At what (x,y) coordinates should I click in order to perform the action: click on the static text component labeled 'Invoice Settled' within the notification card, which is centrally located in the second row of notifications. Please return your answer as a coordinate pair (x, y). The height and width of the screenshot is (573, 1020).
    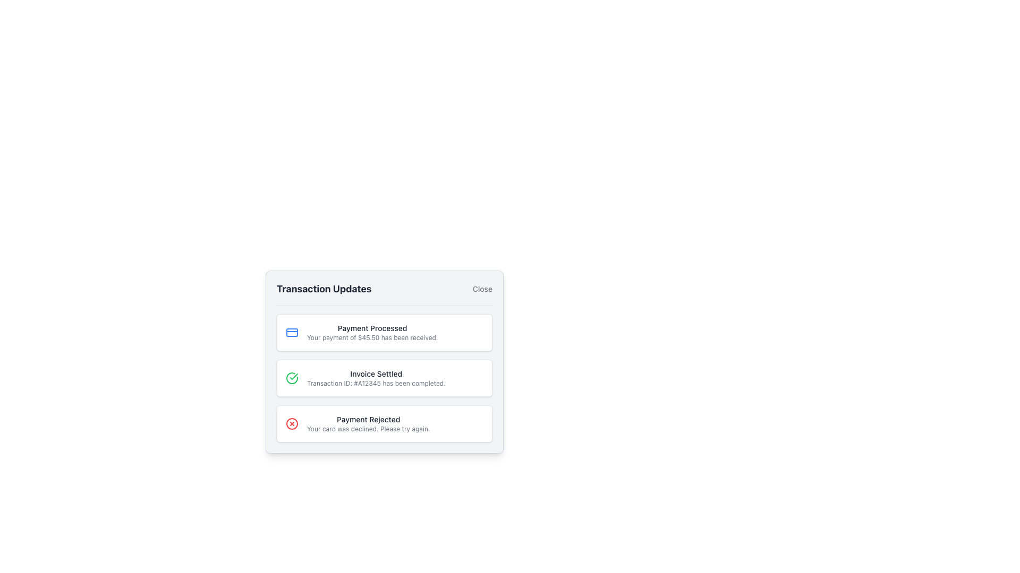
    Looking at the image, I should click on (376, 378).